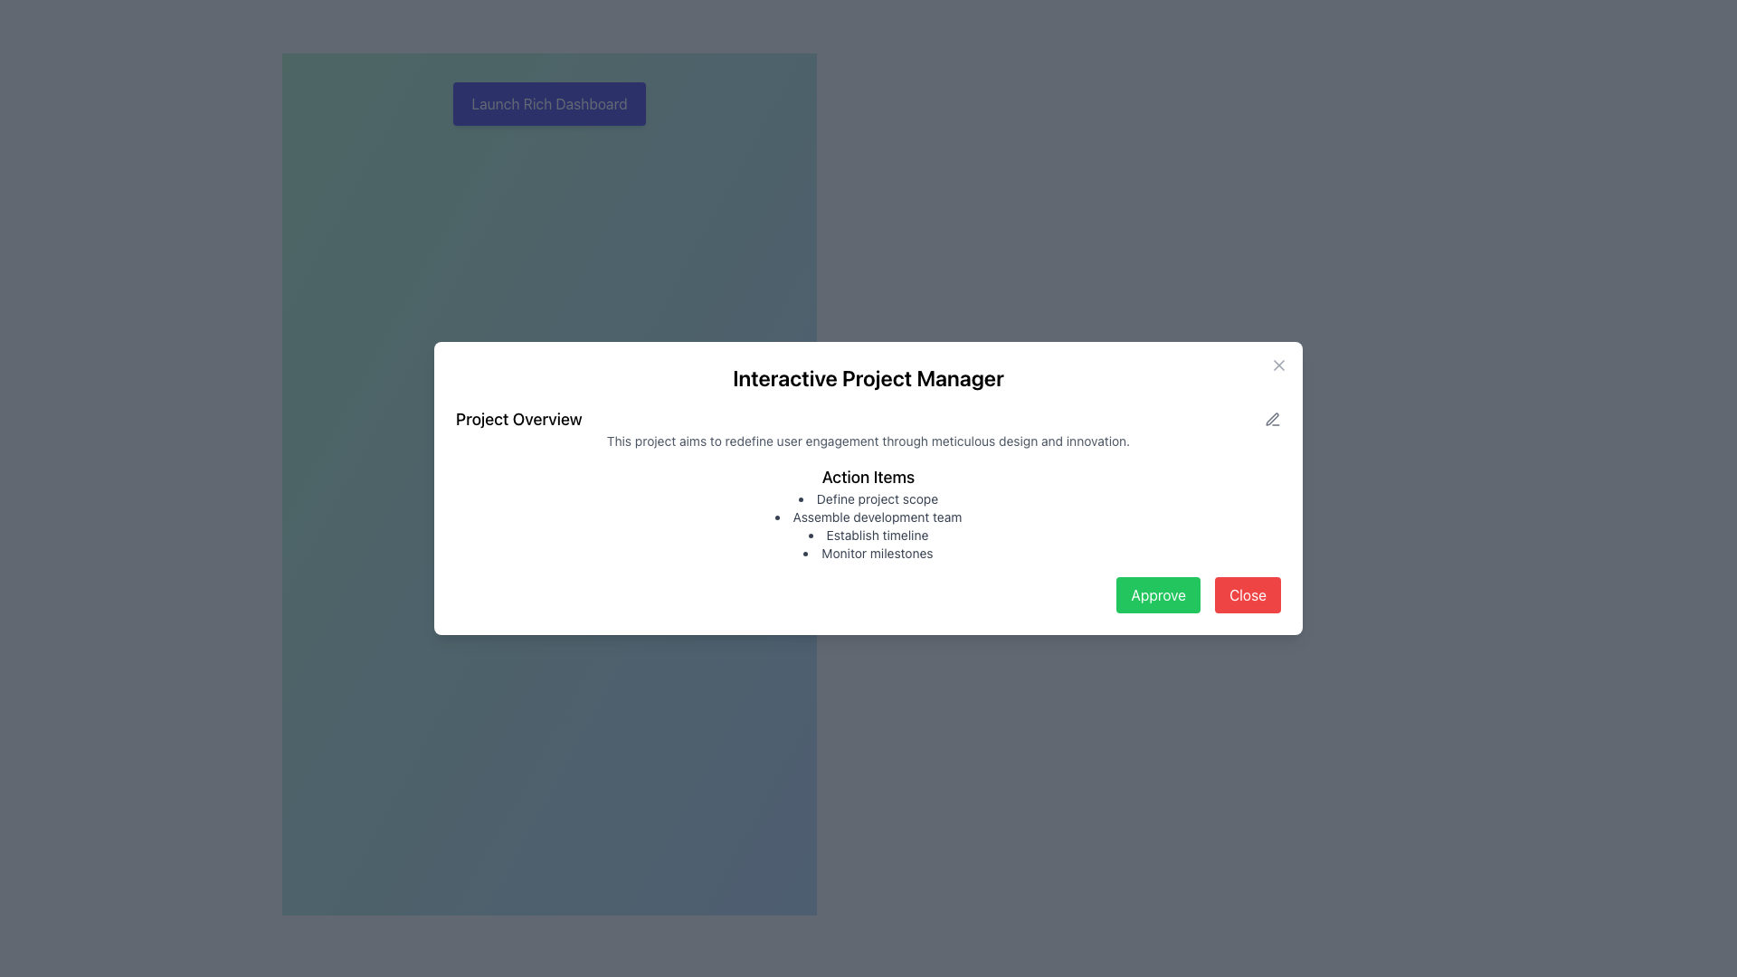 Image resolution: width=1737 pixels, height=977 pixels. I want to click on text element displaying 'Define project scope' which is the first item in the bulleted list of 'Action Items' within the 'Interactive Project Manager' modal window, so click(868, 498).